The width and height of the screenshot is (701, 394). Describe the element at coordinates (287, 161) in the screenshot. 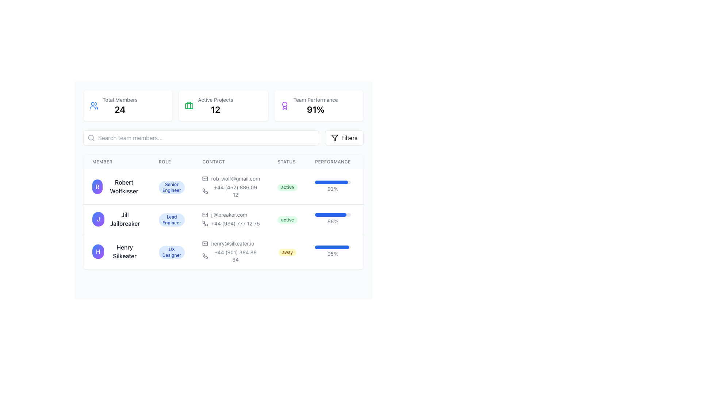

I see `the 'Status' text label element, which is the fourth column header in the tabular layout, displaying the label in uppercase gray sans-serif font` at that location.